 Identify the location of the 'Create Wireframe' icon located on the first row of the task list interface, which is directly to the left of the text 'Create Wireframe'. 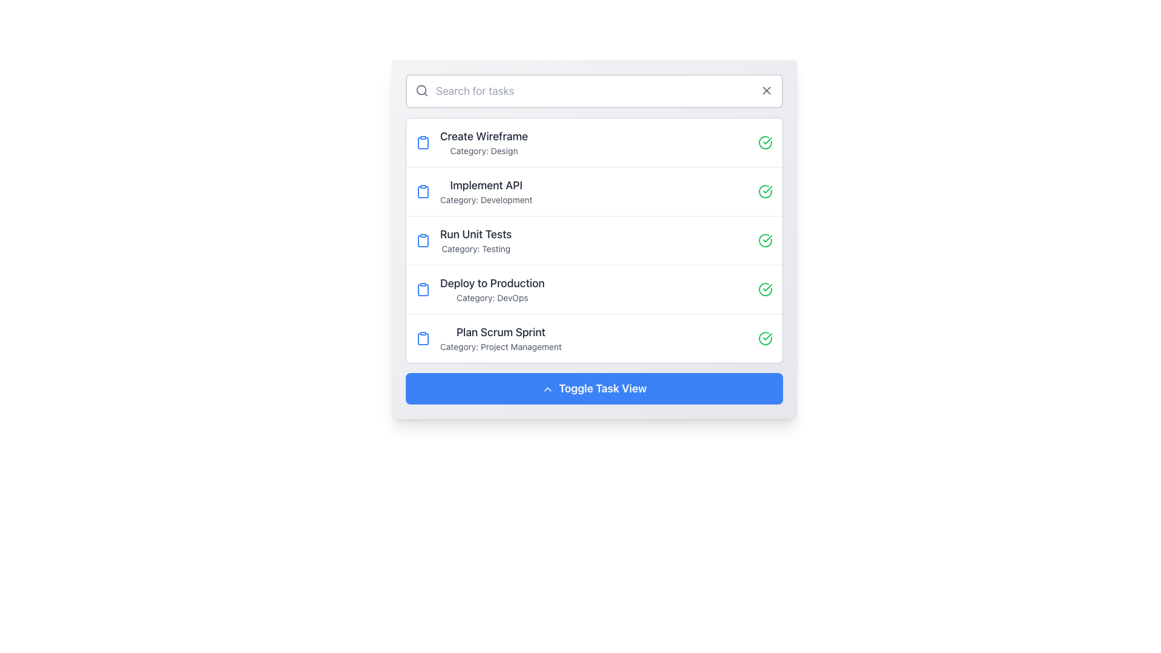
(423, 141).